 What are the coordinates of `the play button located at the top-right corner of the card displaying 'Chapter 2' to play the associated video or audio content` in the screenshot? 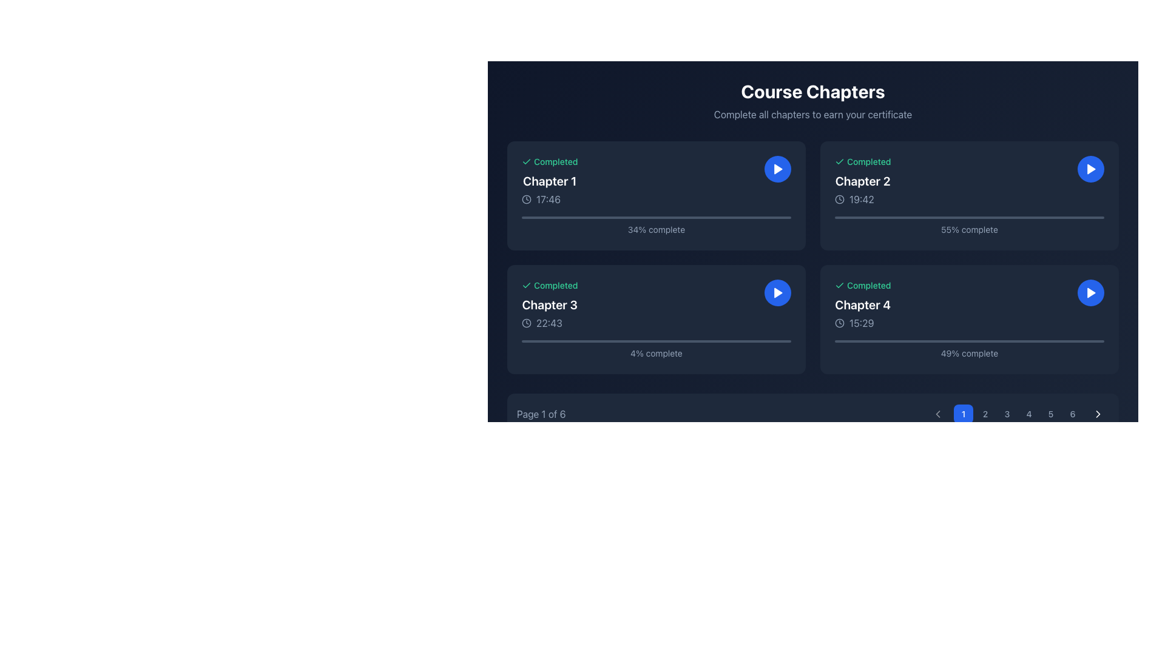 It's located at (1091, 169).